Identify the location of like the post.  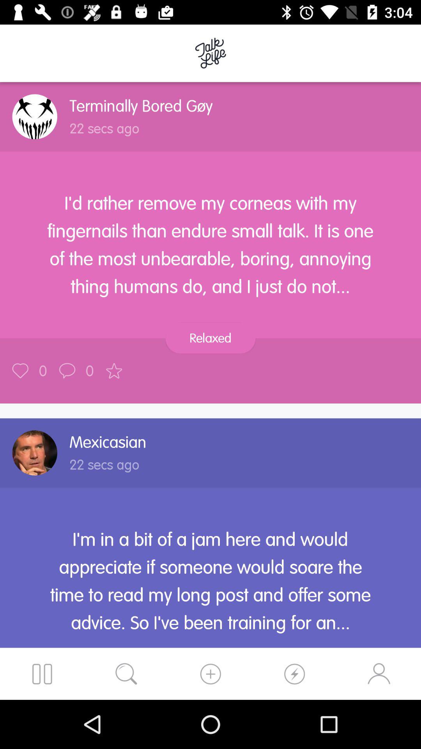
(20, 370).